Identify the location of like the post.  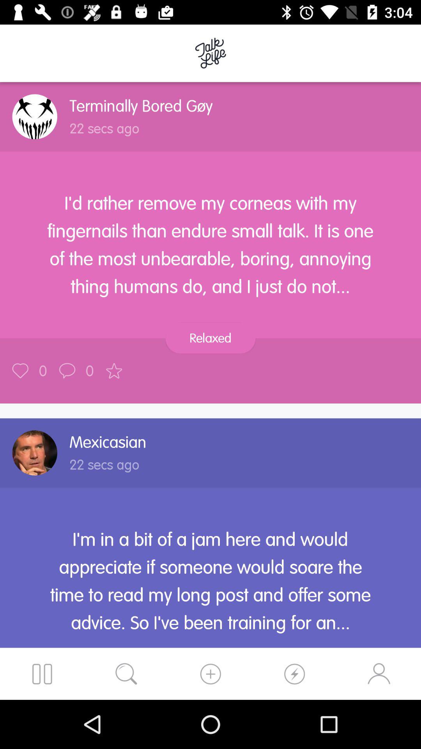
(20, 370).